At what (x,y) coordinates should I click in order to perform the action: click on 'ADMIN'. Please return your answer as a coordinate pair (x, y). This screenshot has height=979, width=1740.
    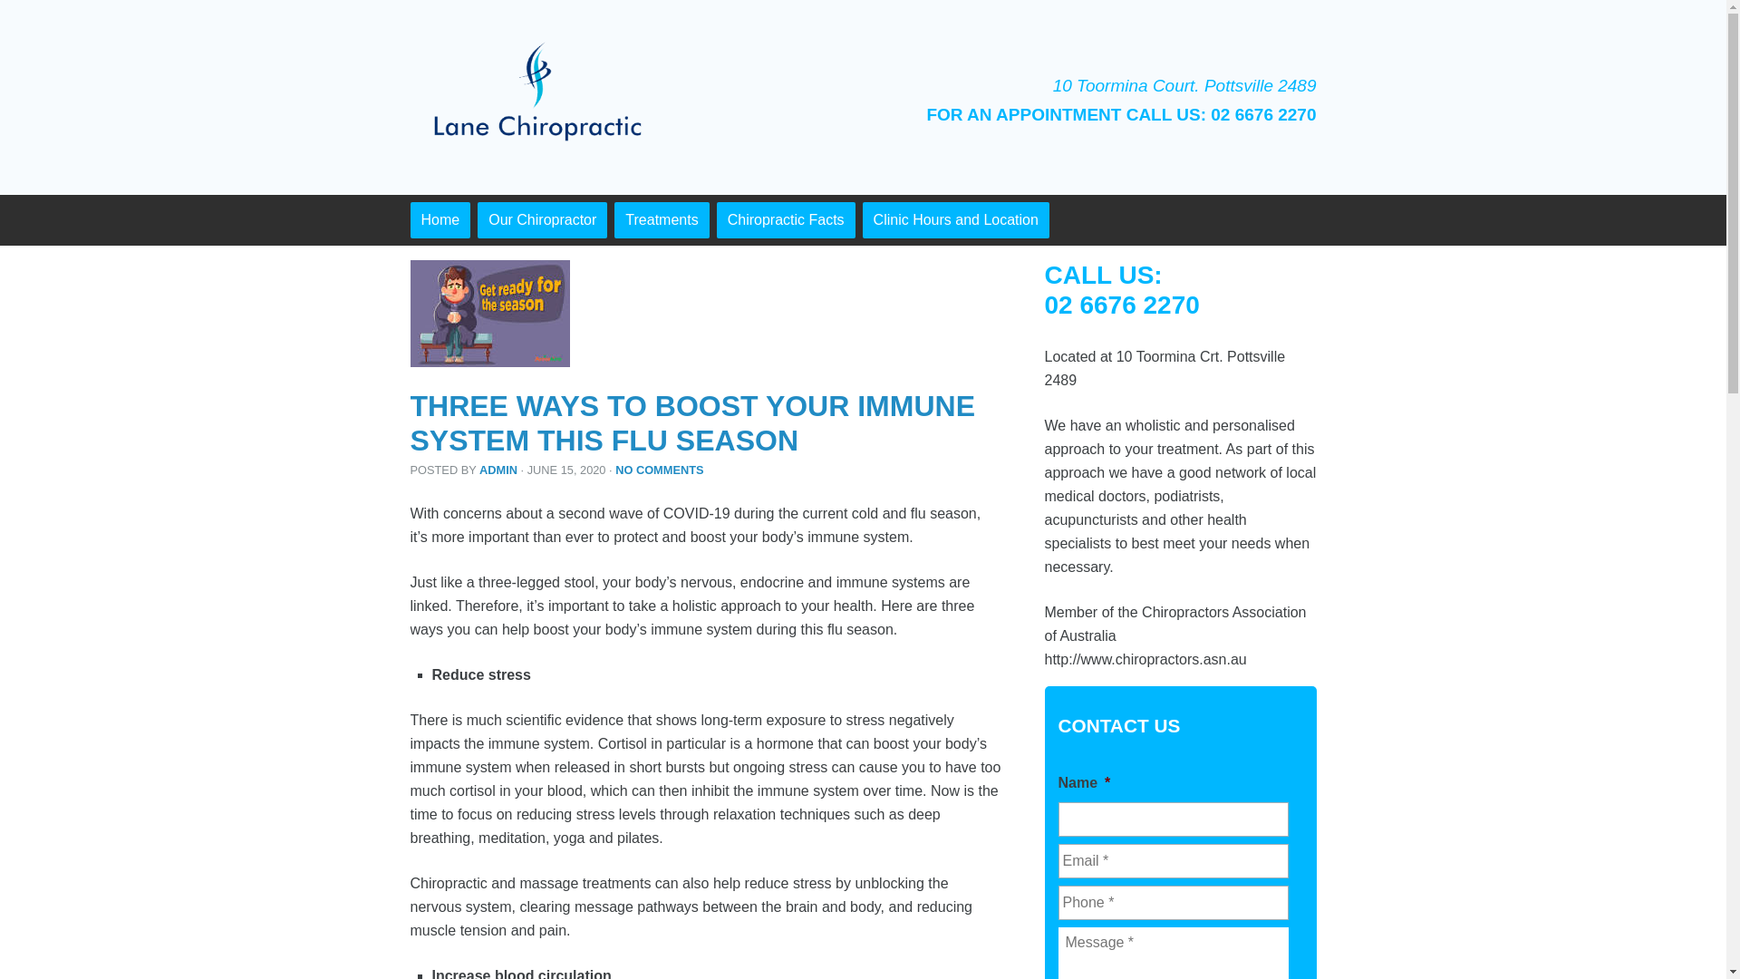
    Looking at the image, I should click on (498, 469).